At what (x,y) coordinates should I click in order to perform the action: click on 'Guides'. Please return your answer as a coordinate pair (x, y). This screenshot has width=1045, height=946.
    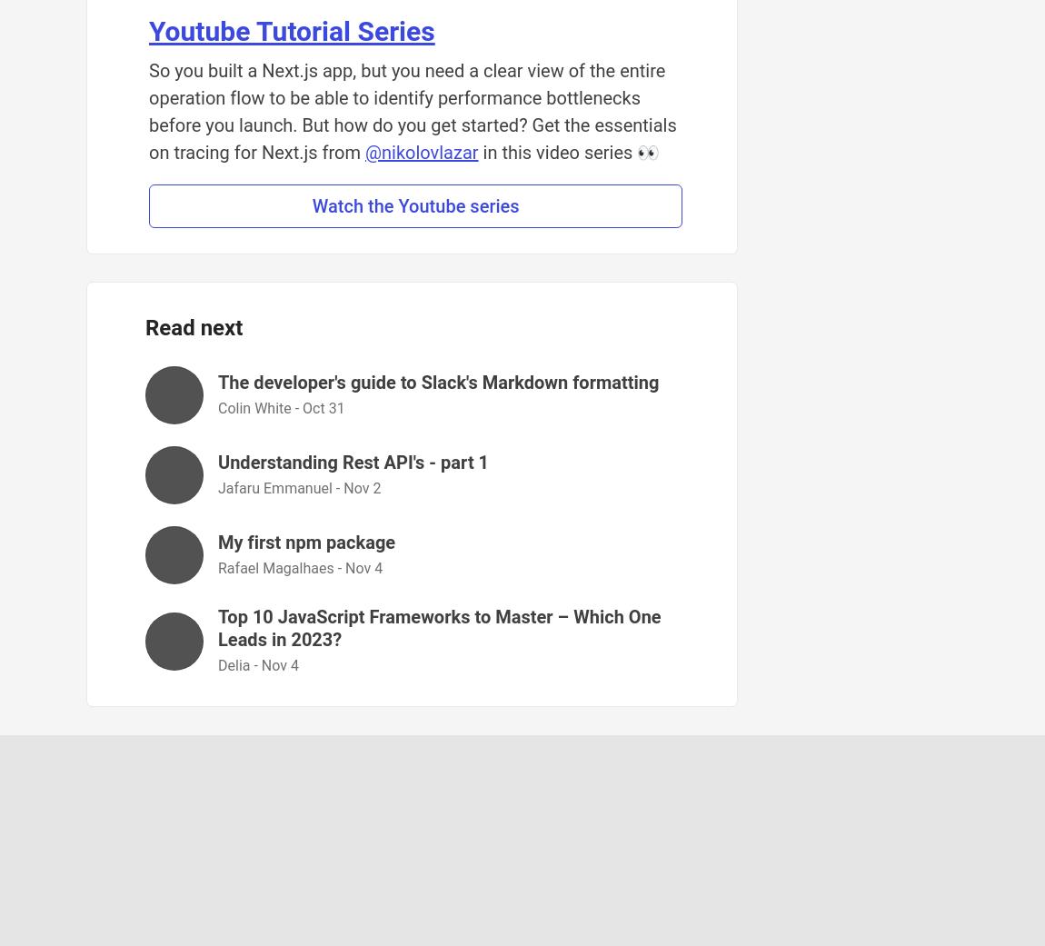
    Looking at the image, I should click on (697, 817).